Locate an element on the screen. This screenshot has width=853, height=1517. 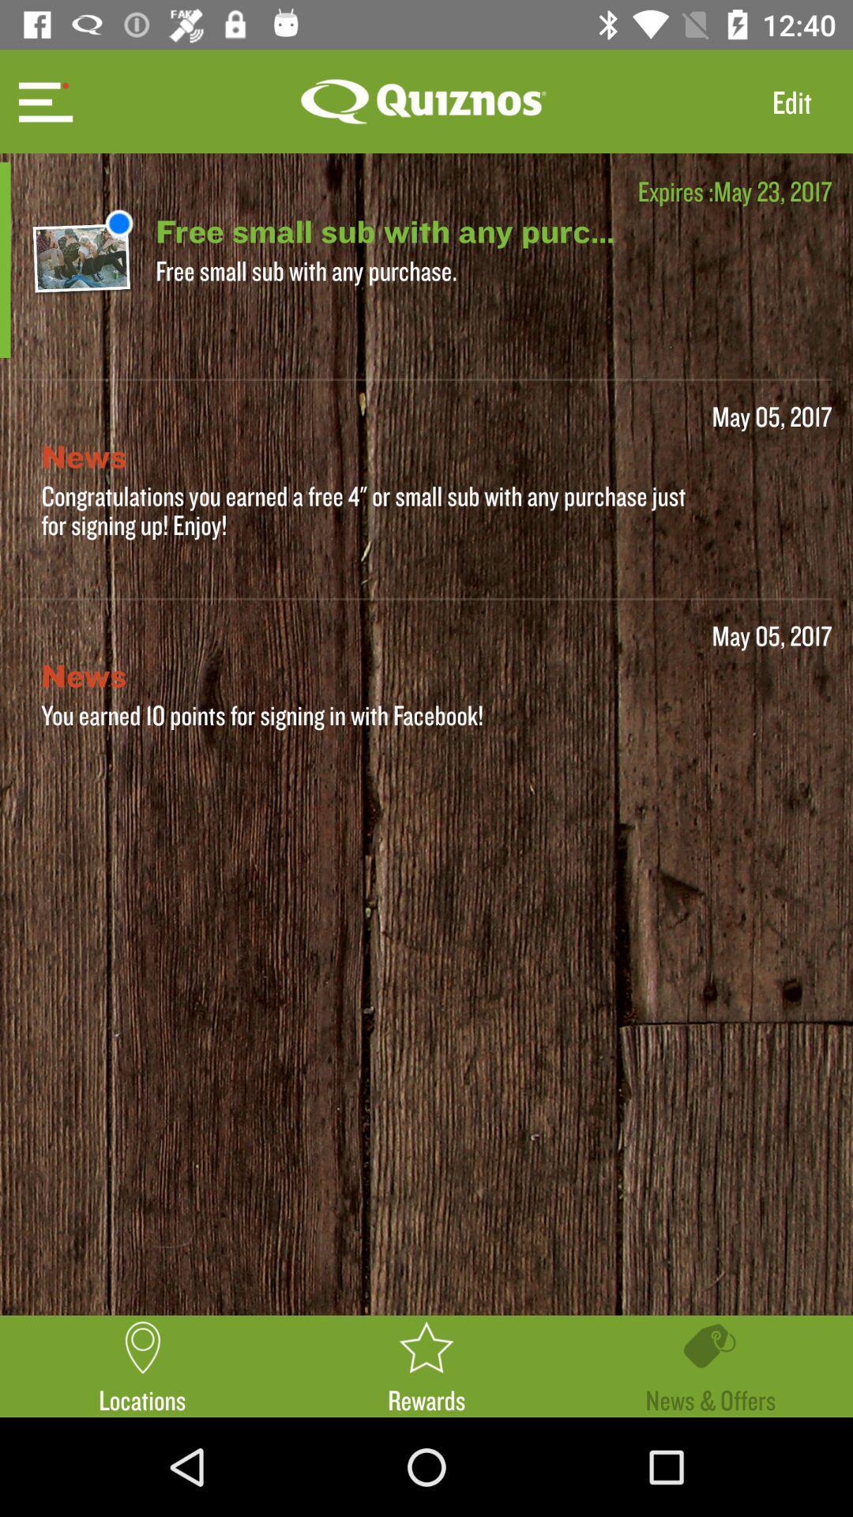
menu buttton is located at coordinates (43, 100).